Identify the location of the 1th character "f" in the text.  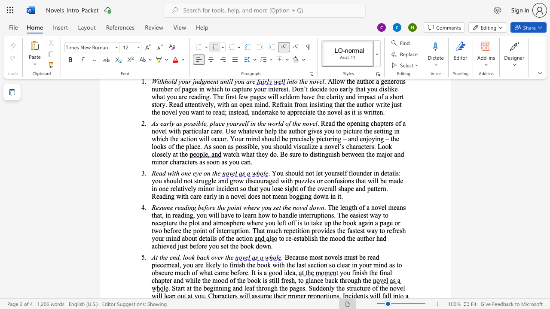
(234, 280).